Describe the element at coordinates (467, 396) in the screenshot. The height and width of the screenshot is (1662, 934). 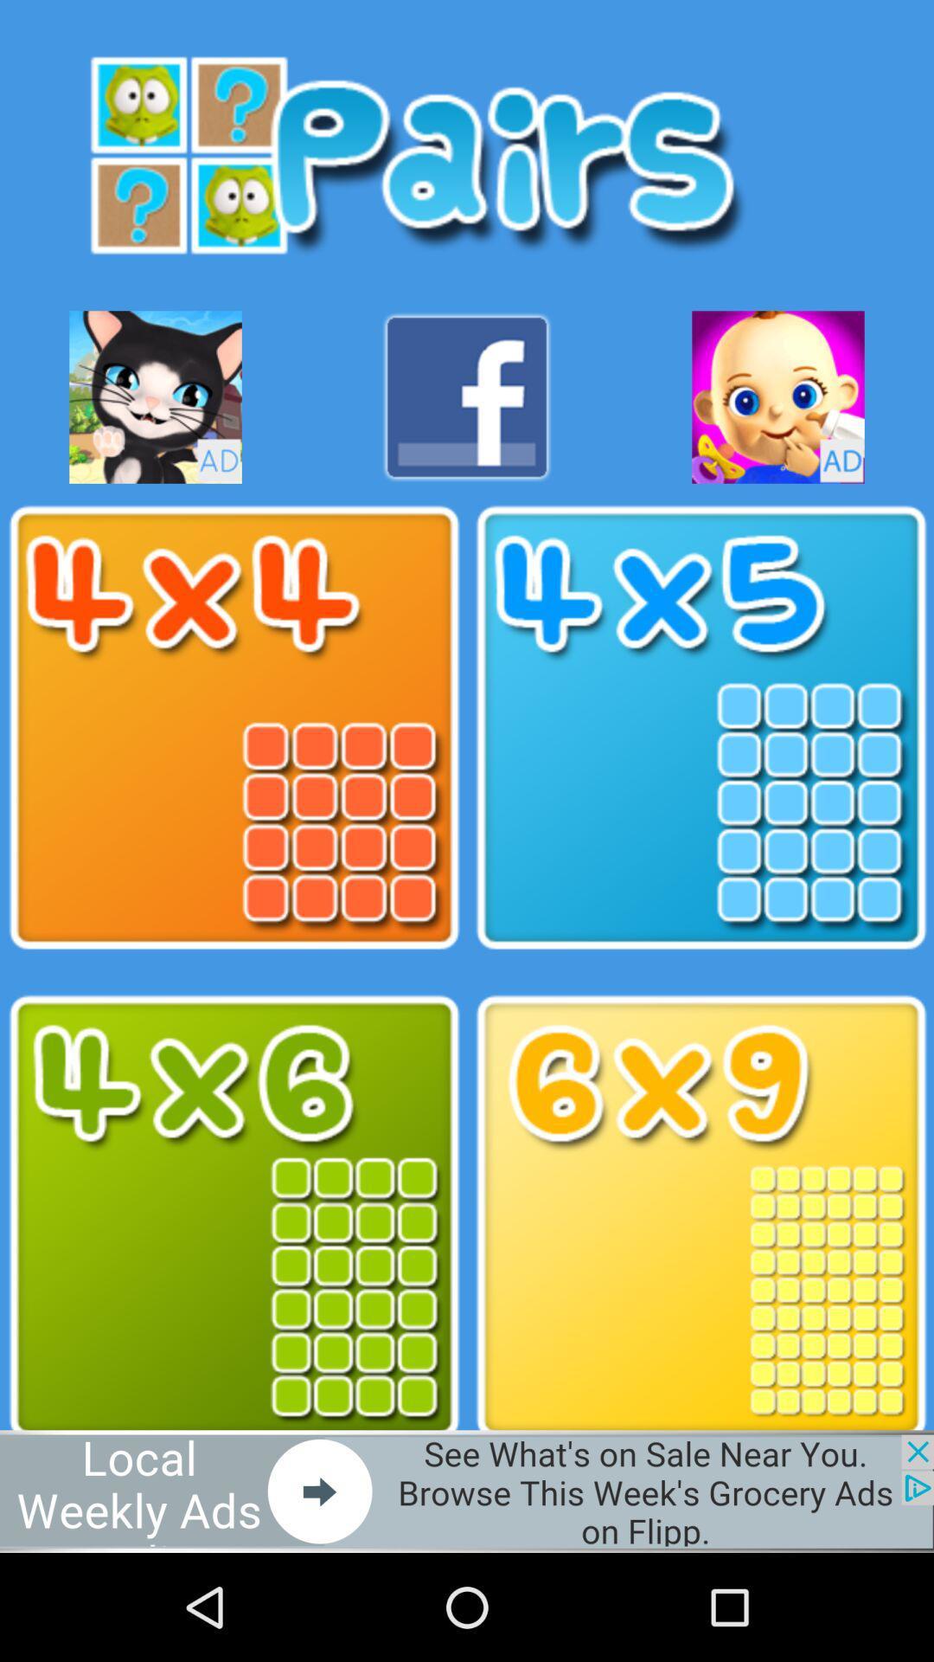
I see `face book app` at that location.